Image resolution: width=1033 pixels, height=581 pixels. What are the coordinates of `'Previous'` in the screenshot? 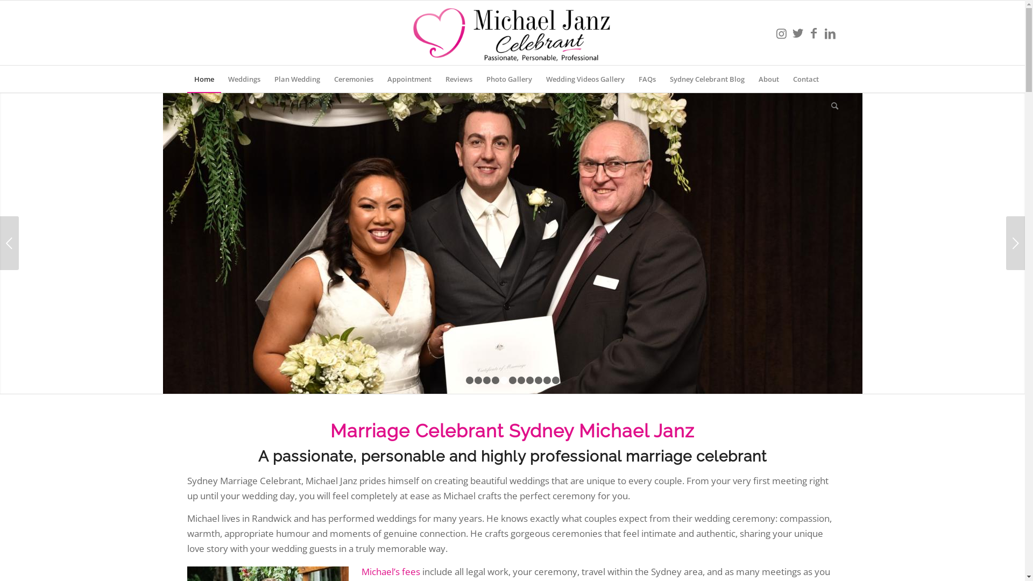 It's located at (9, 216).